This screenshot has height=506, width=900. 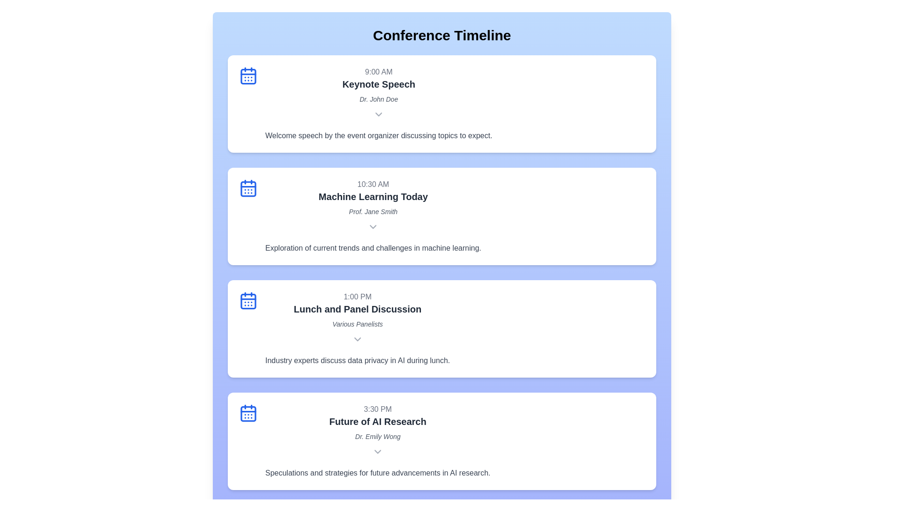 What do you see at coordinates (379, 72) in the screenshot?
I see `the text label displaying '9:00 AM' located in the 'Conference Timeline' section above the 'Keynote Speech' title` at bounding box center [379, 72].